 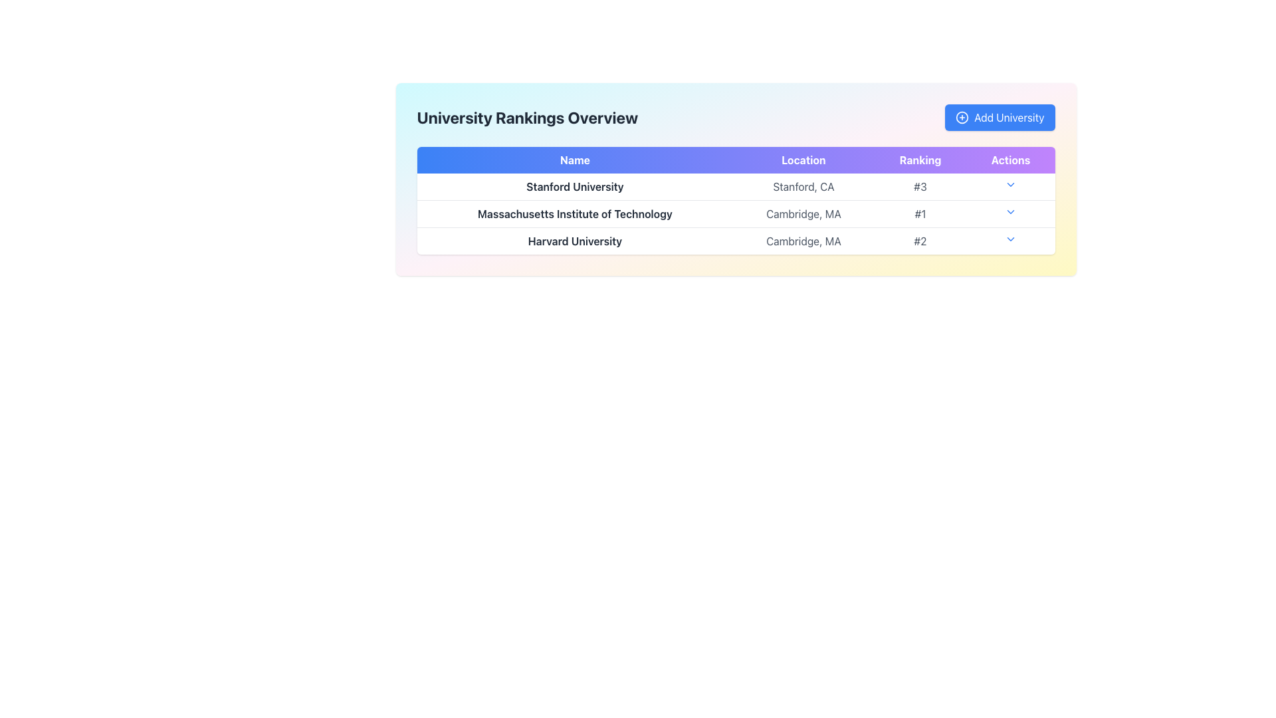 I want to click on the small downward-pointing blue arrow icon in the last column under 'Actions' for 'Harvard University', so click(x=1010, y=241).